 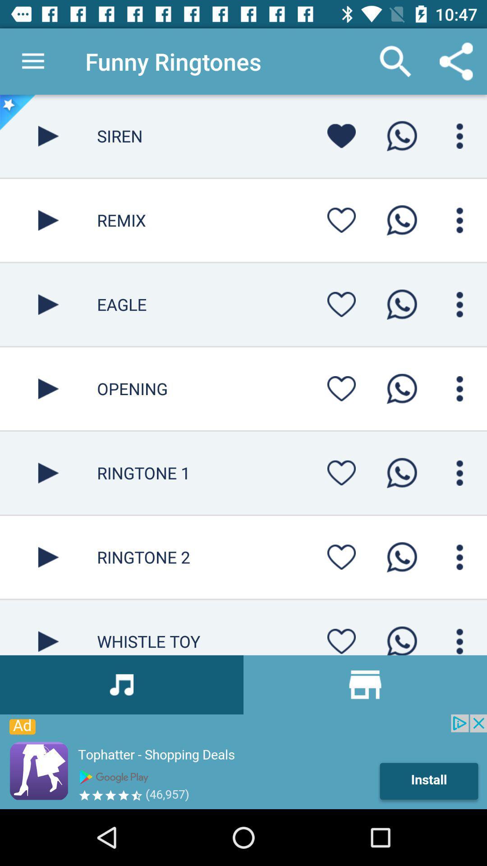 What do you see at coordinates (48, 135) in the screenshot?
I see `button` at bounding box center [48, 135].